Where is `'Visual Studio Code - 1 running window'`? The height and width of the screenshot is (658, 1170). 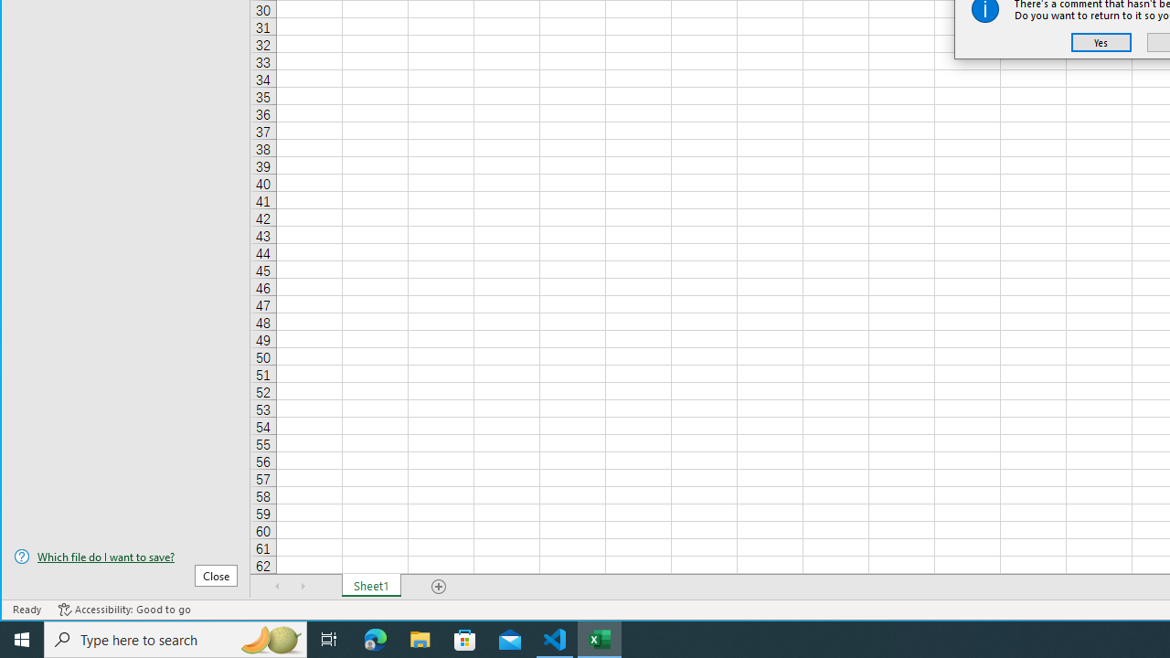
'Visual Studio Code - 1 running window' is located at coordinates (554, 638).